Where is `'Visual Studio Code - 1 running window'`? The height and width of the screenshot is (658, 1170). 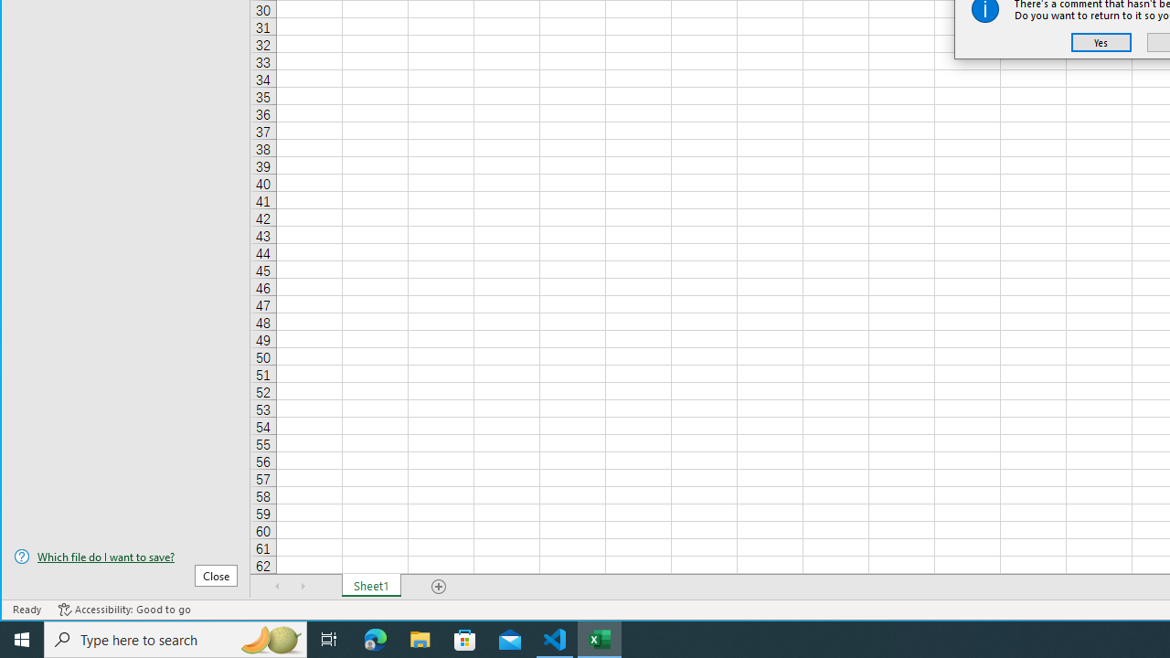
'Visual Studio Code - 1 running window' is located at coordinates (554, 638).